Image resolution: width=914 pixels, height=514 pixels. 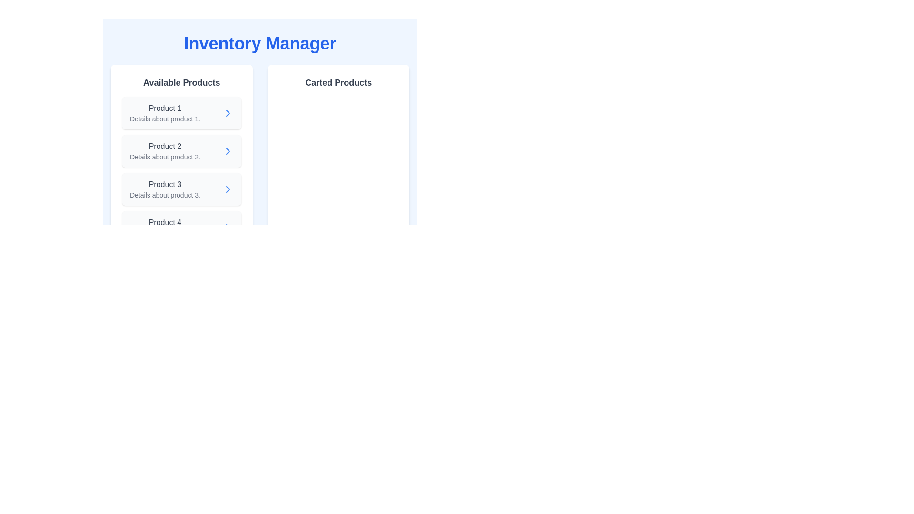 What do you see at coordinates (227, 113) in the screenshot?
I see `the rightward-pointing chevron icon located on the right side of the 'Product 1' item in the 'Available Products' list` at bounding box center [227, 113].